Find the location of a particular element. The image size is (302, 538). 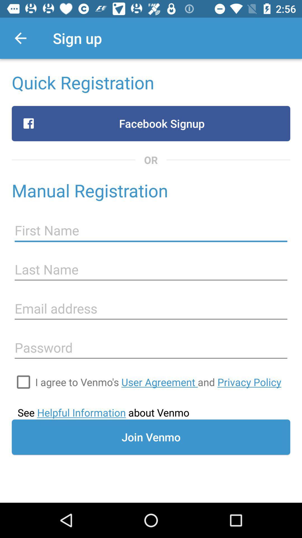

check box is located at coordinates (23, 382).